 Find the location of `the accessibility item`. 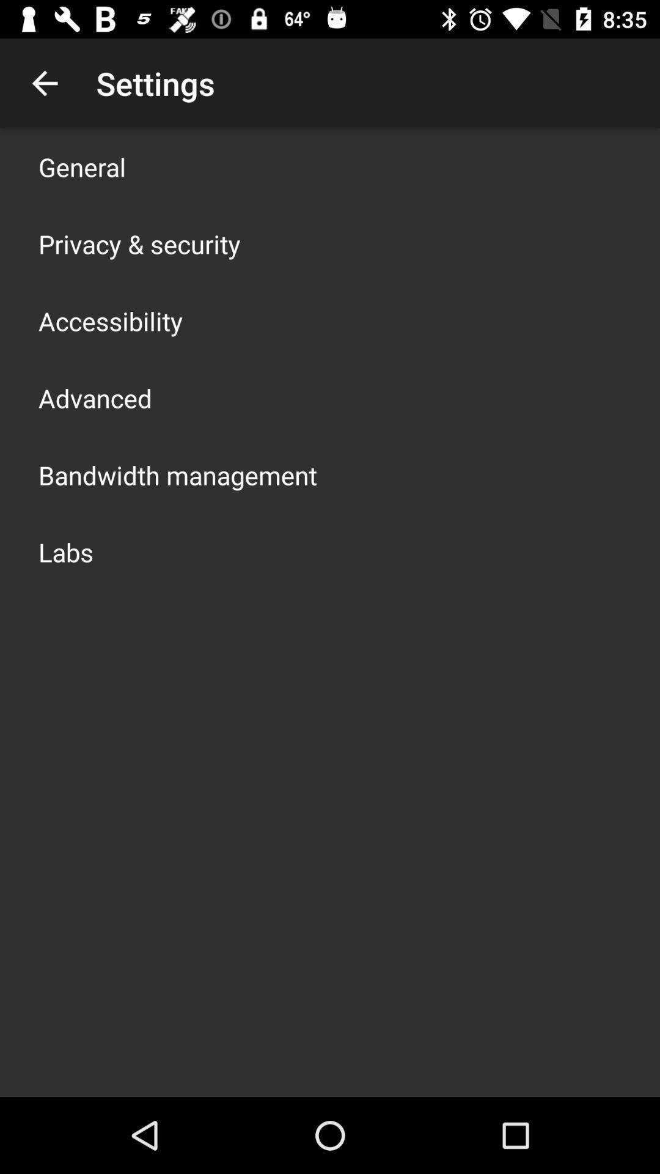

the accessibility item is located at coordinates (111, 320).